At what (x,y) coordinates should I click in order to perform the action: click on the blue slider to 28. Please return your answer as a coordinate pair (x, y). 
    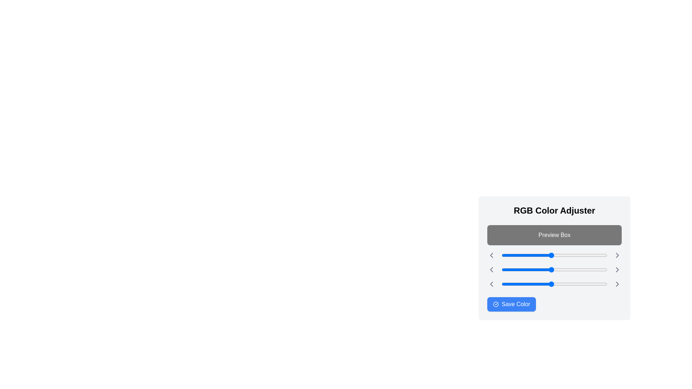
    Looking at the image, I should click on (513, 284).